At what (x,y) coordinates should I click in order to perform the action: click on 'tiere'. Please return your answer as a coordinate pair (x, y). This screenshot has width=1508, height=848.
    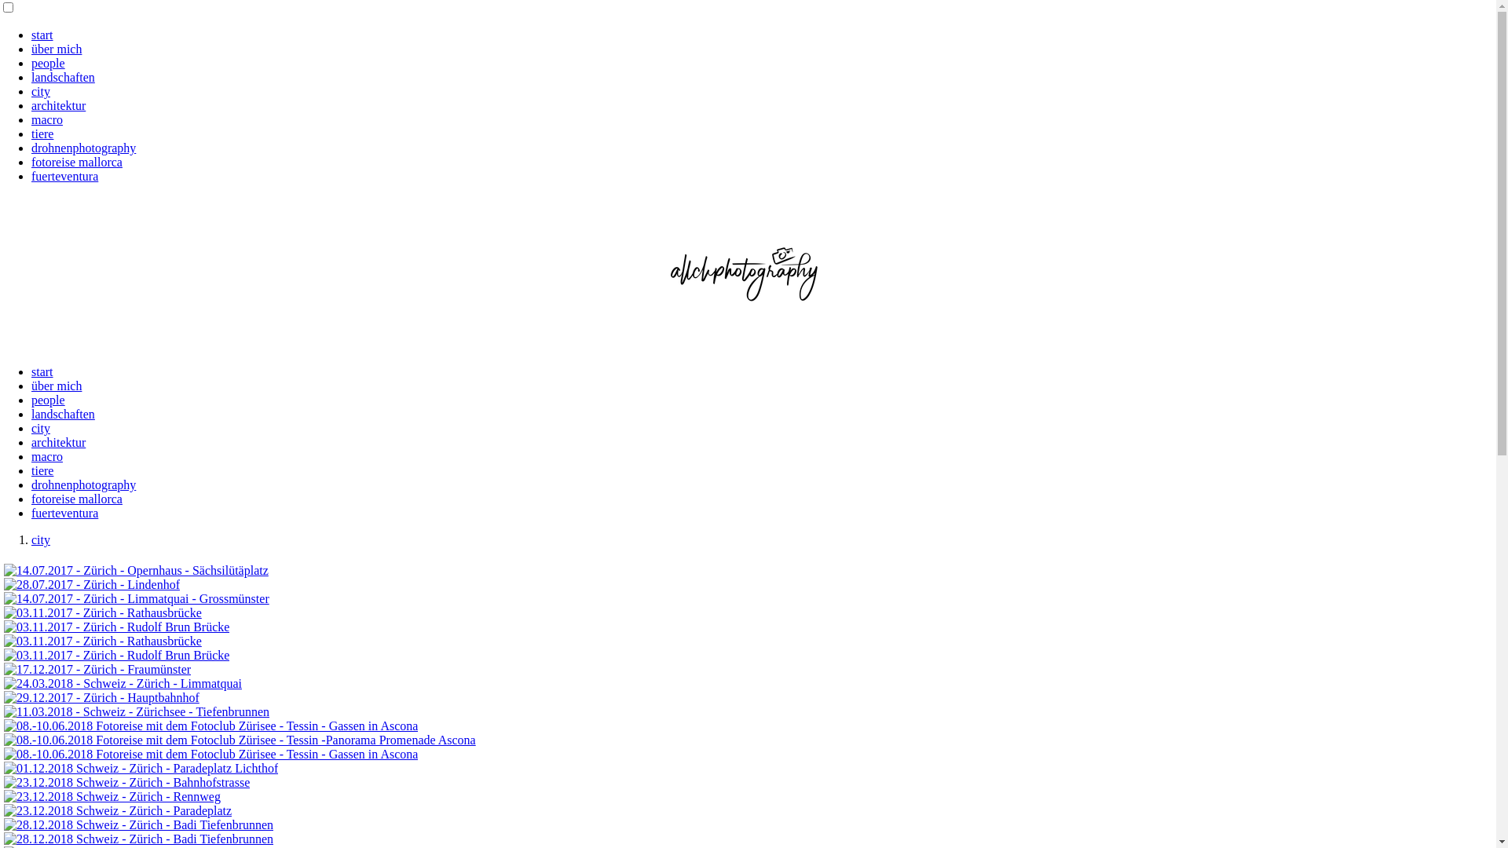
    Looking at the image, I should click on (31, 470).